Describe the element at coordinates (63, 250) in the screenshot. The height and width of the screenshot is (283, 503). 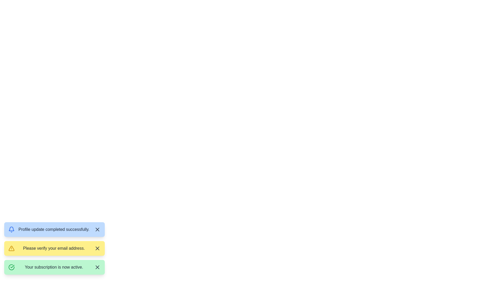
I see `notification displayed in the yellow alert box that prompts 'Please verify your email address.'` at that location.